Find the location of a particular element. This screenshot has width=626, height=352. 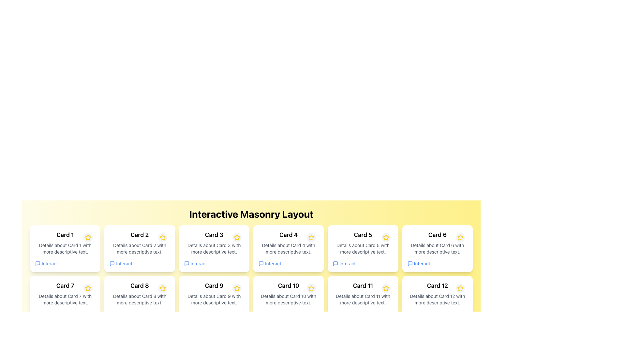

the rounded button with a light gray background and a yellow outlined star icon located in the top-right corner of 'Card 7' to mark the card as favorite is located at coordinates (88, 288).